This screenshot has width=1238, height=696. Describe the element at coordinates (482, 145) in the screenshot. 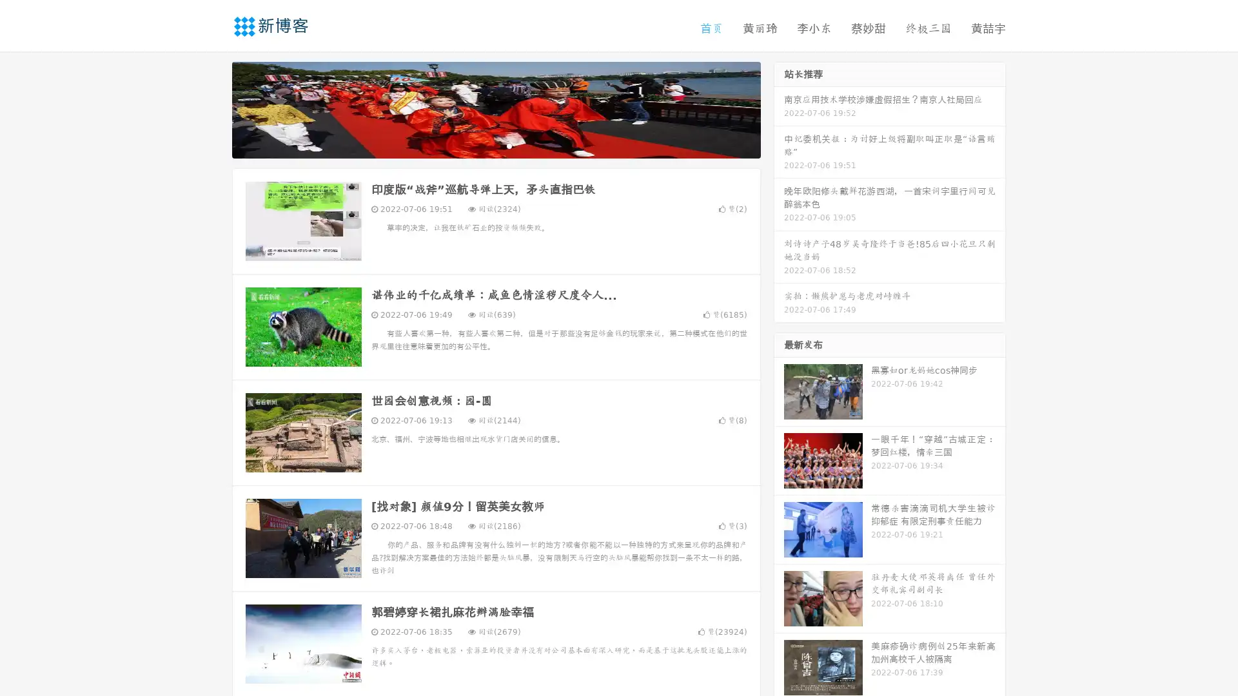

I see `Go to slide 1` at that location.